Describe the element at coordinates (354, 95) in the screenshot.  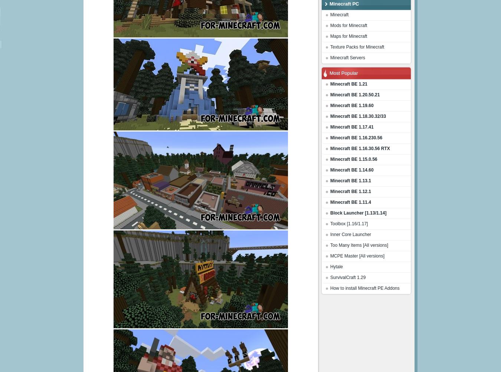
I see `'Minecraft BE 1.20.50.21'` at that location.